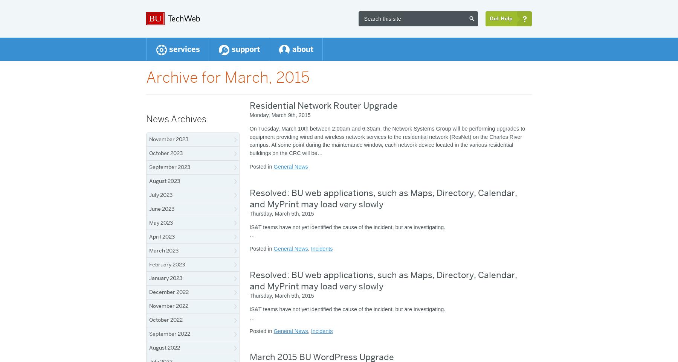  I want to click on 'August 2022', so click(165, 348).